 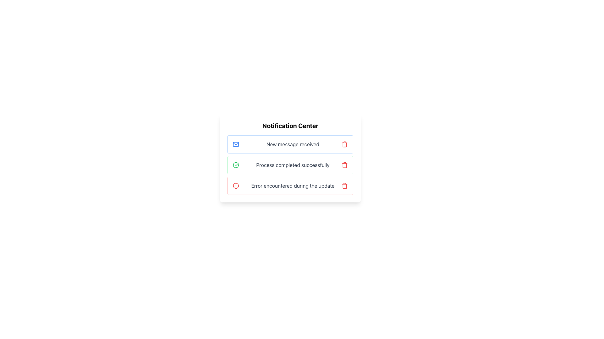 I want to click on the static text label that displays the notification message indicating the successful completion of a process, so click(x=293, y=164).